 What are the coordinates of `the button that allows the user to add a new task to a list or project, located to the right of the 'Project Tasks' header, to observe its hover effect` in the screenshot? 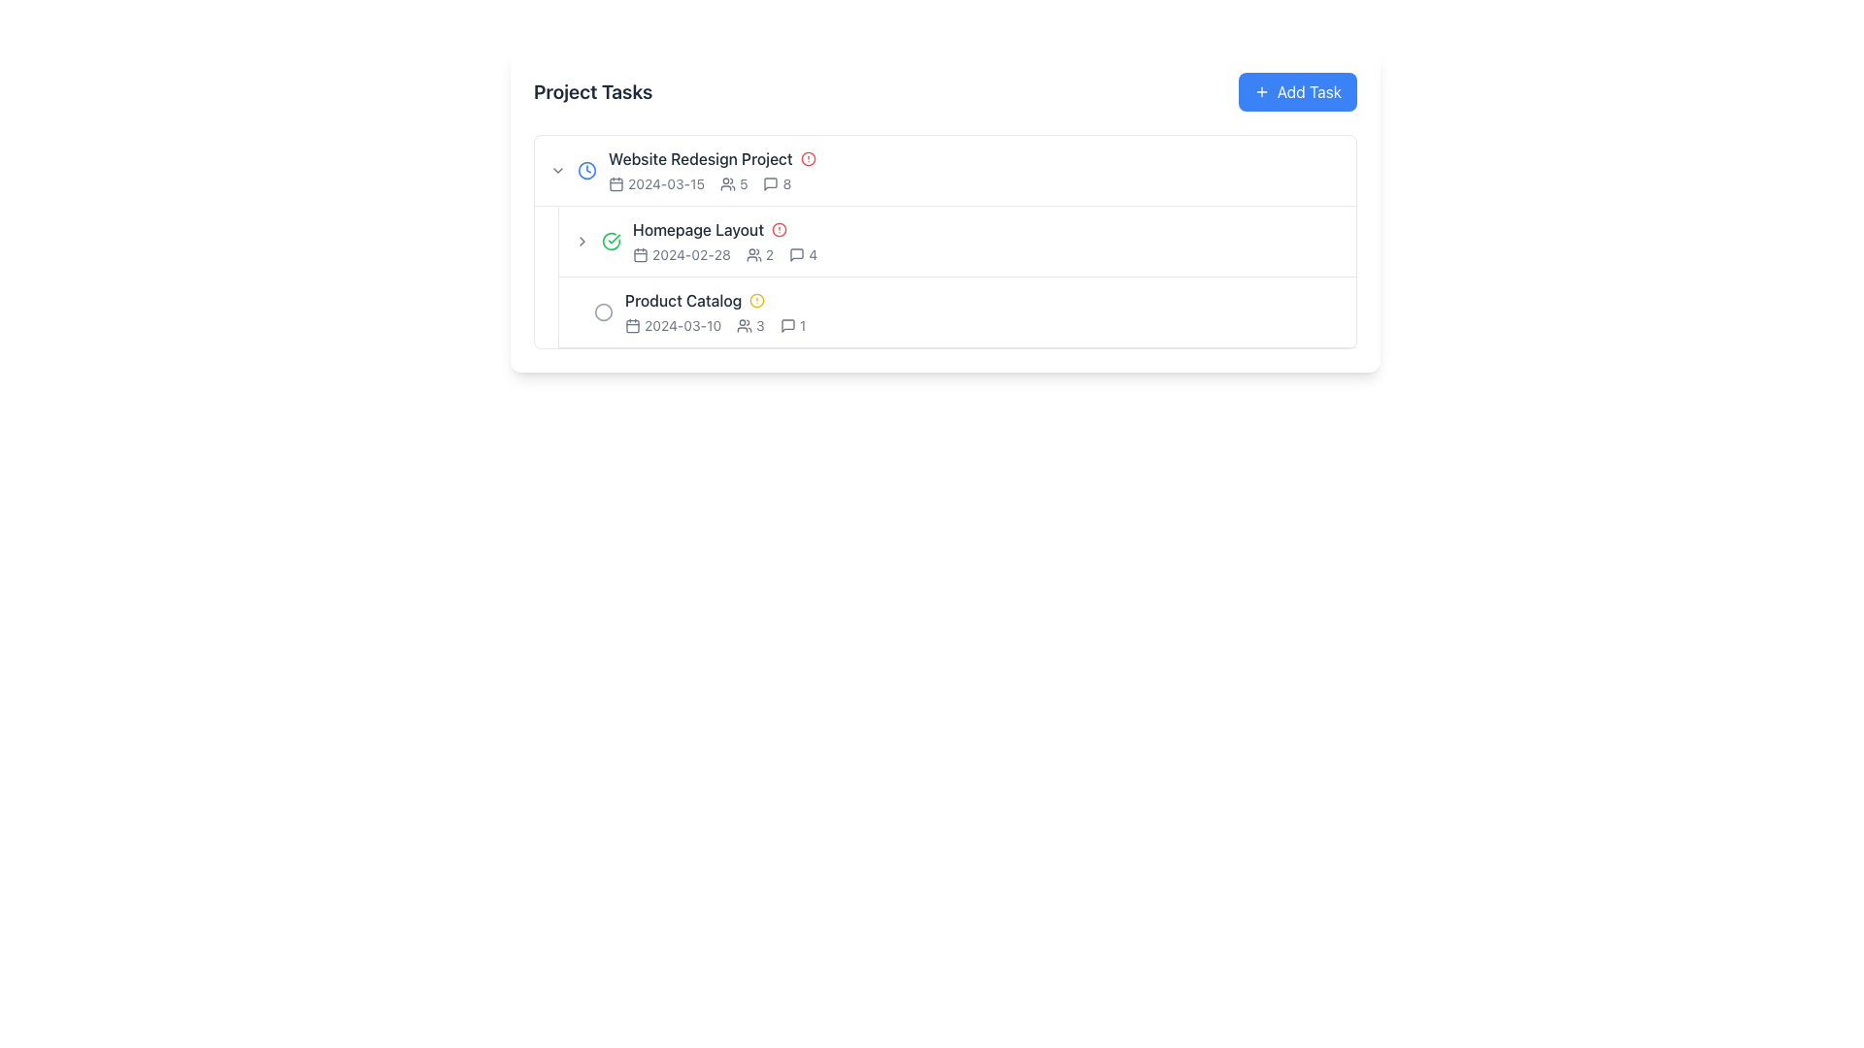 It's located at (1297, 92).